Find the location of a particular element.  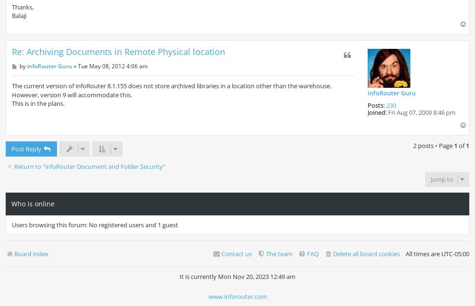

'Board index' is located at coordinates (31, 254).